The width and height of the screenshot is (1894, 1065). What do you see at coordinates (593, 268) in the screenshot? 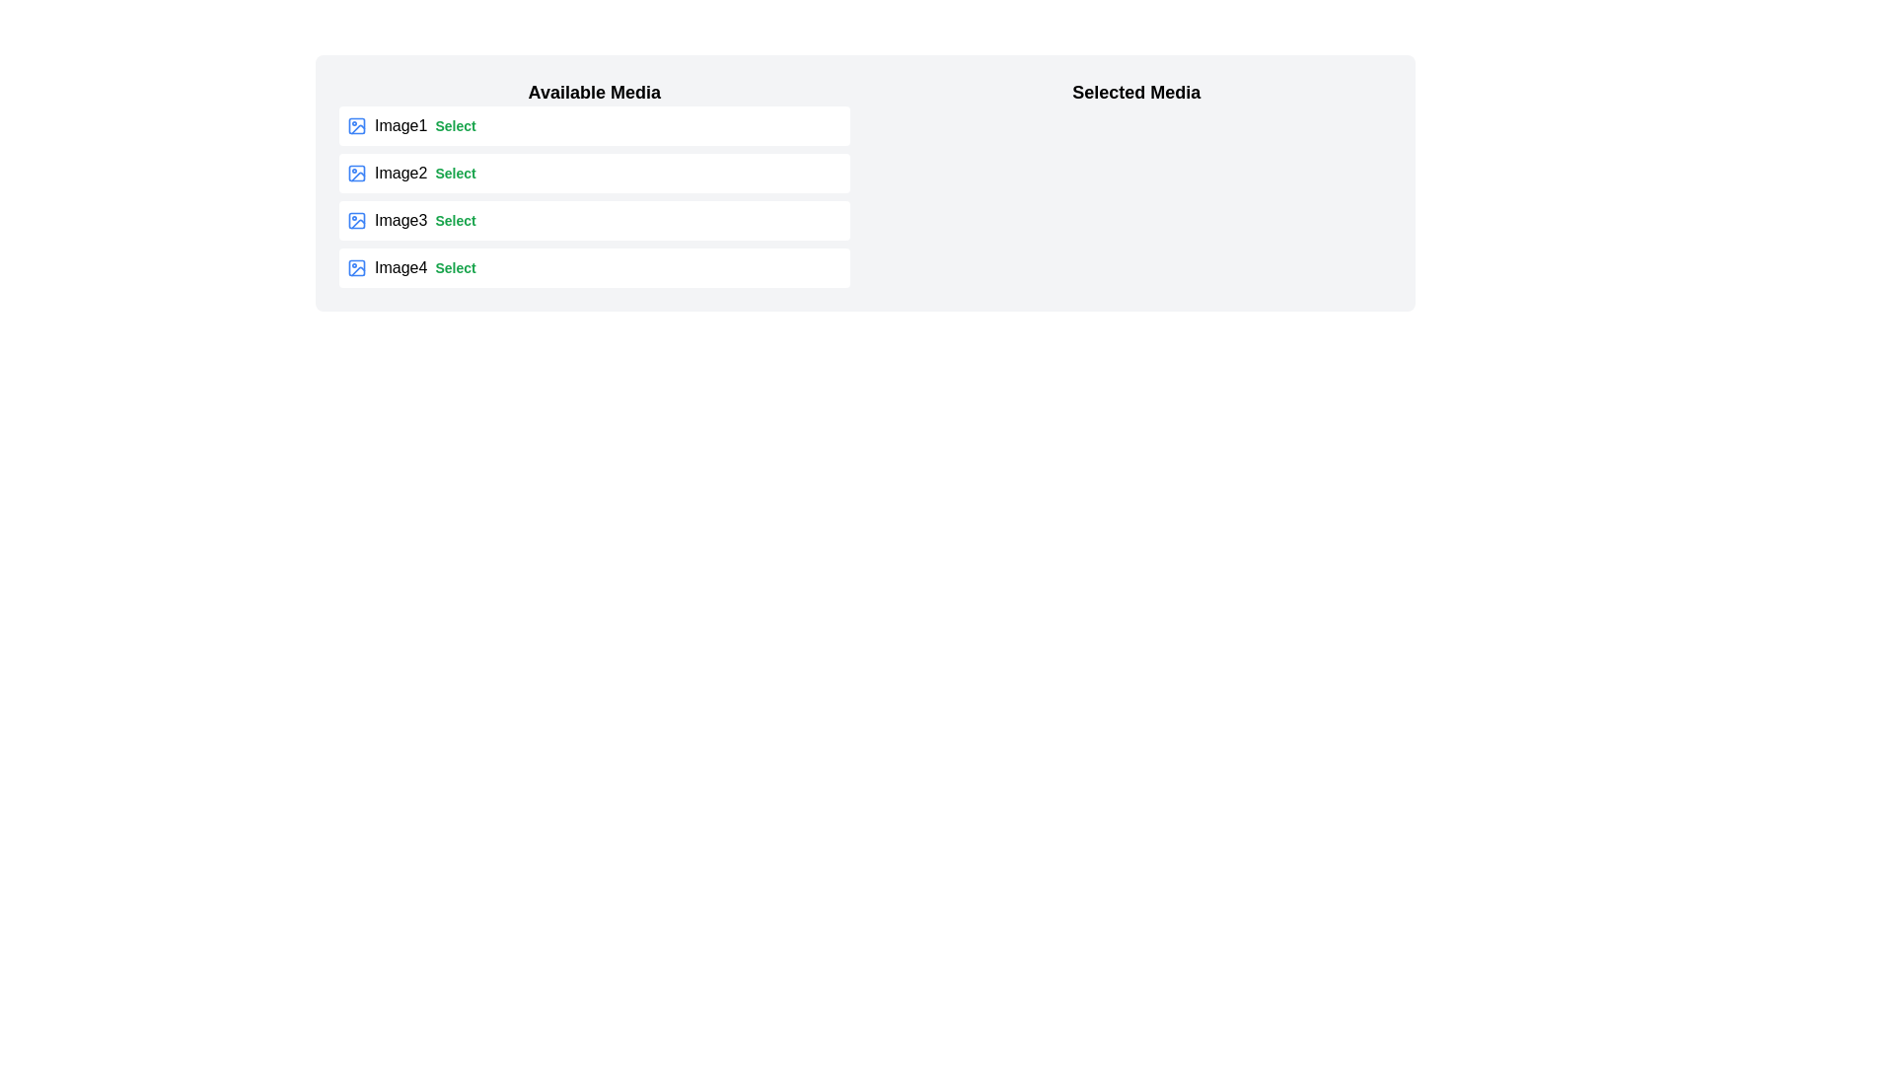
I see `the 'Select' link of the List item labeled 'Image4'` at bounding box center [593, 268].